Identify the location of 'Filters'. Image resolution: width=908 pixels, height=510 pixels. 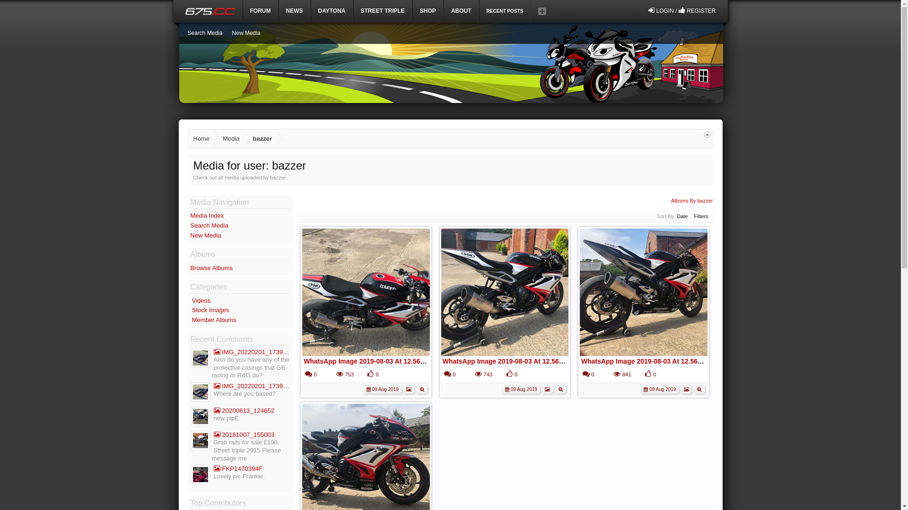
(701, 216).